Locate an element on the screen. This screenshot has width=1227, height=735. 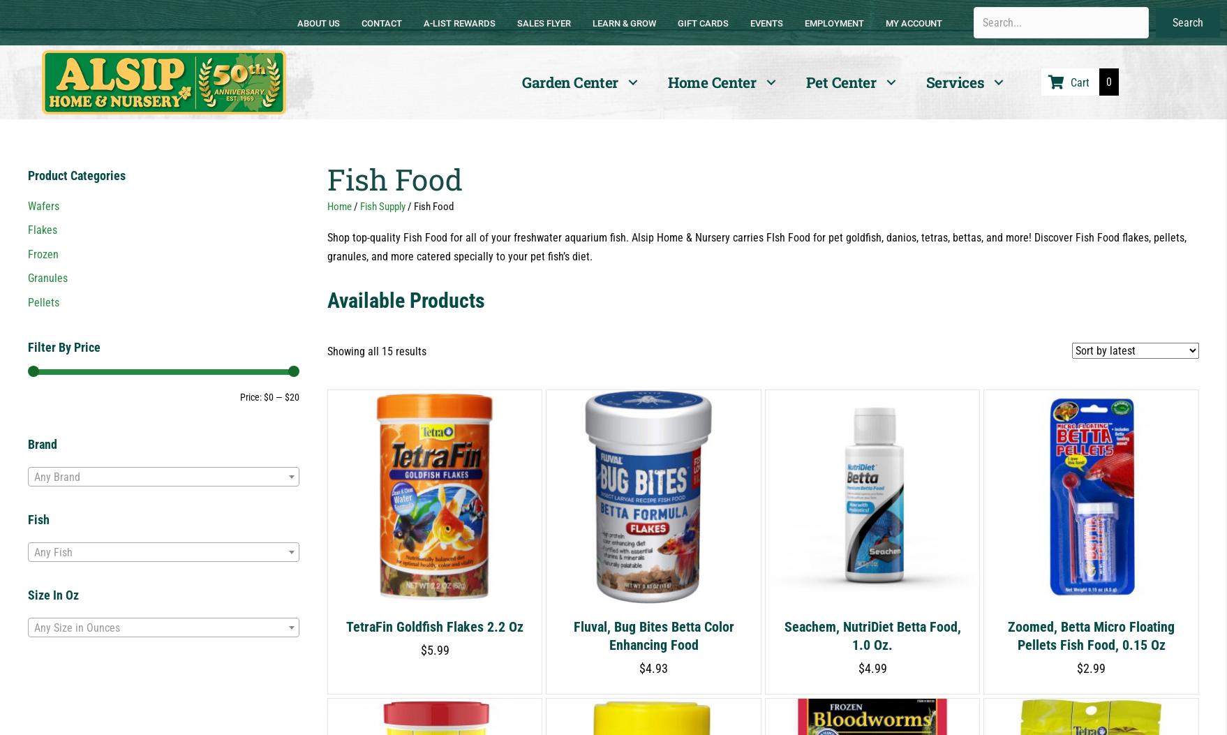
'Home' is located at coordinates (338, 206).